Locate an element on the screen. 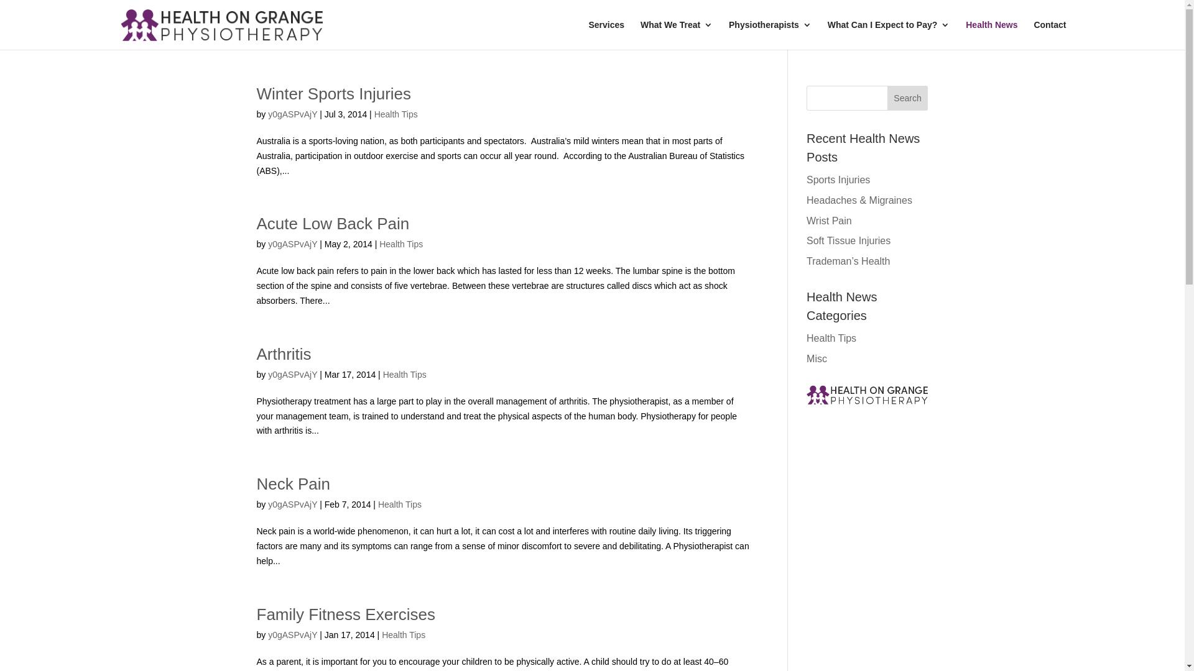 The width and height of the screenshot is (1194, 671). 'Acute Low Back Pain' is located at coordinates (332, 222).